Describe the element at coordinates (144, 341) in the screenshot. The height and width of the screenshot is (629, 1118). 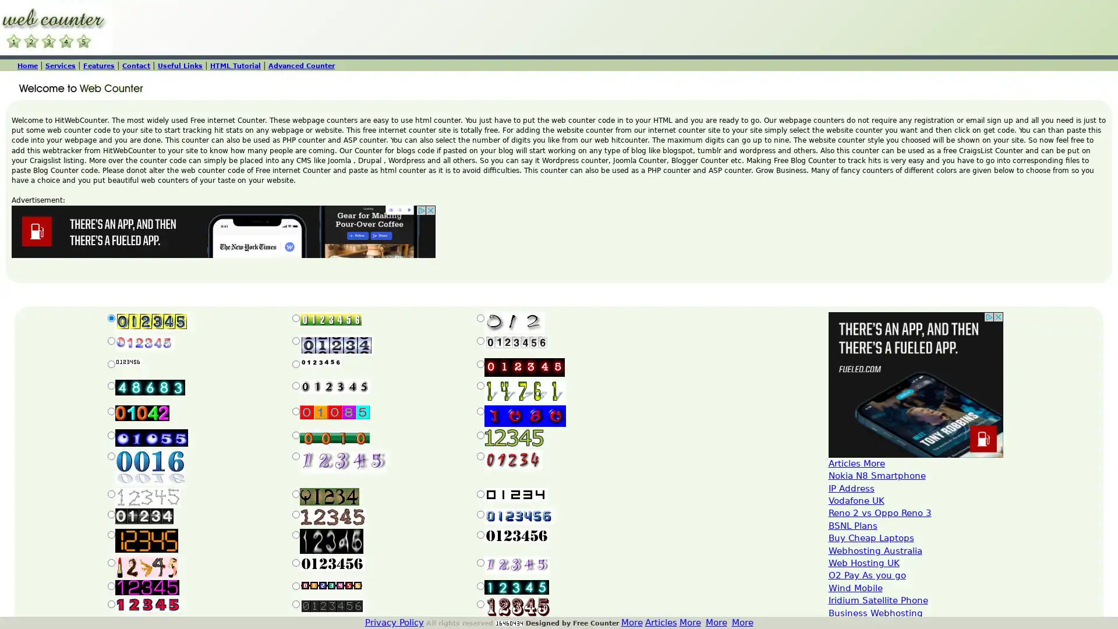
I see `Submit` at that location.